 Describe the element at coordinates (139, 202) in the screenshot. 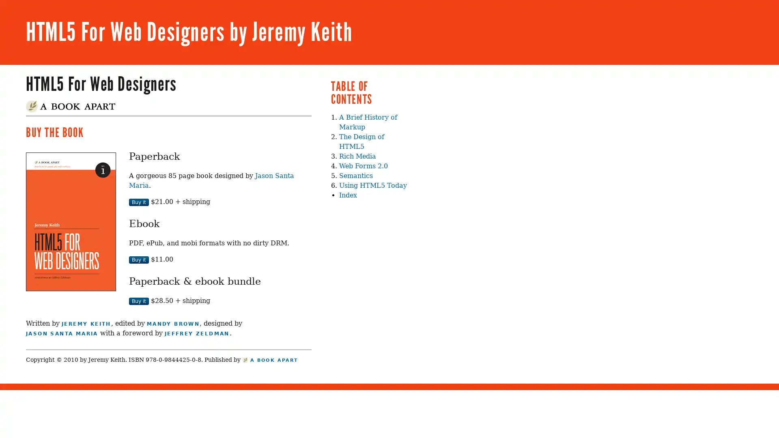

I see `$21.00 + shipping` at that location.